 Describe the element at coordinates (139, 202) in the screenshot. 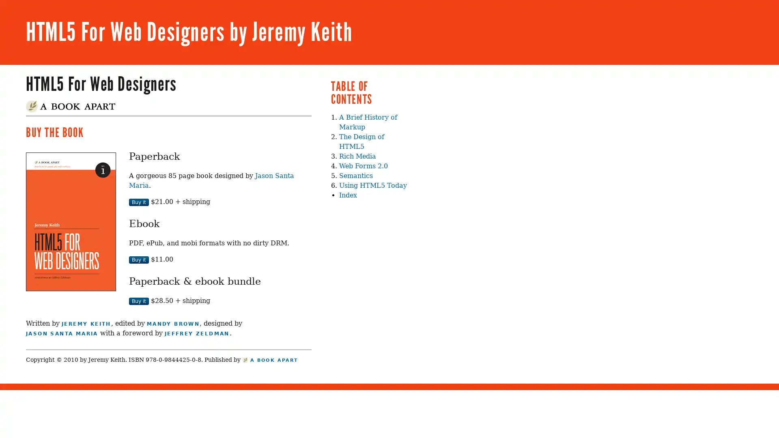

I see `$21.00 + shipping` at that location.